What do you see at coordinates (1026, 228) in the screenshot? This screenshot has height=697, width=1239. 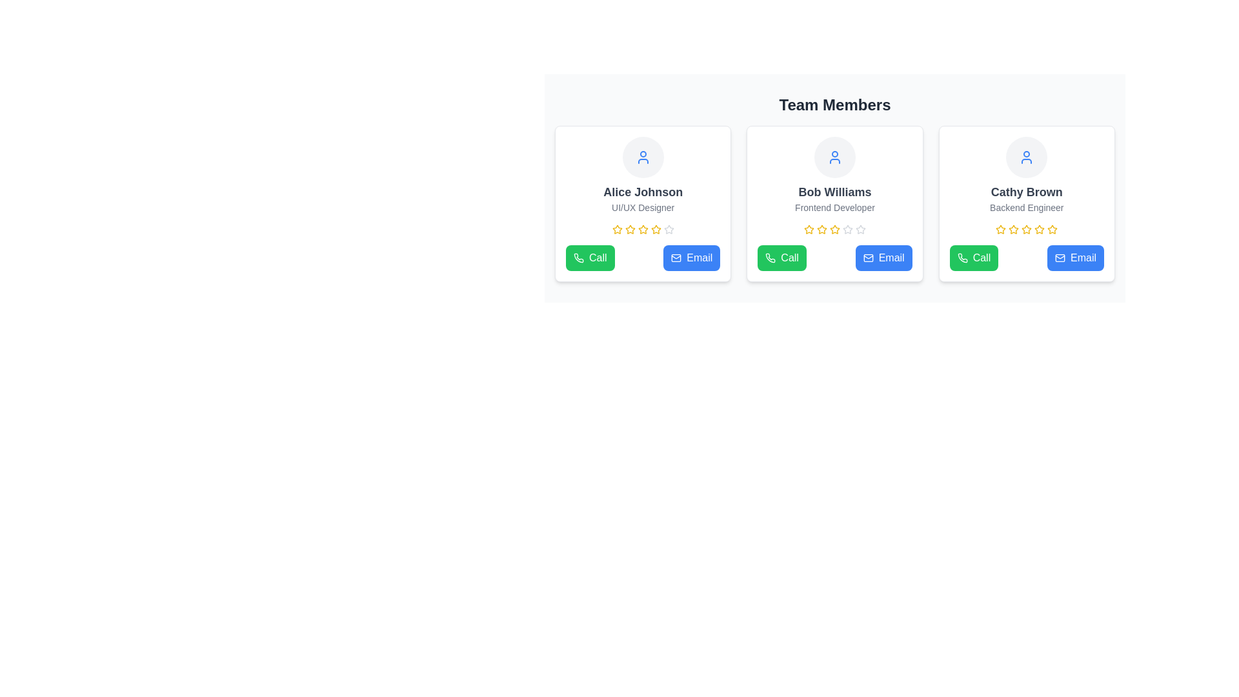 I see `the second star icon in the rating system located below the 'Cathy Brown' card in the 'Team Members' section` at bounding box center [1026, 228].